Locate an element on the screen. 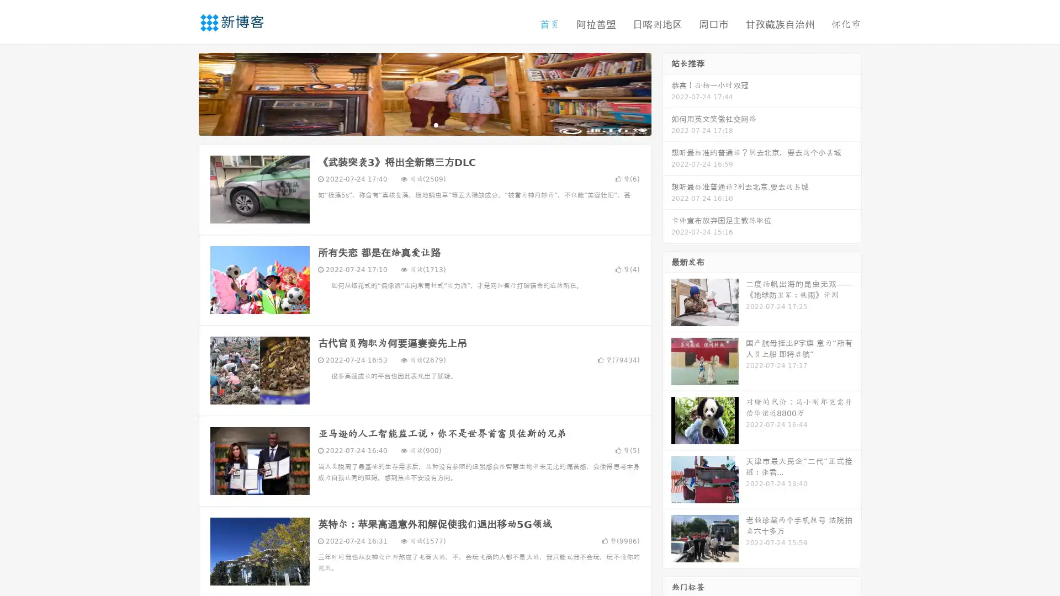 This screenshot has width=1060, height=596. Next slide is located at coordinates (667, 93).